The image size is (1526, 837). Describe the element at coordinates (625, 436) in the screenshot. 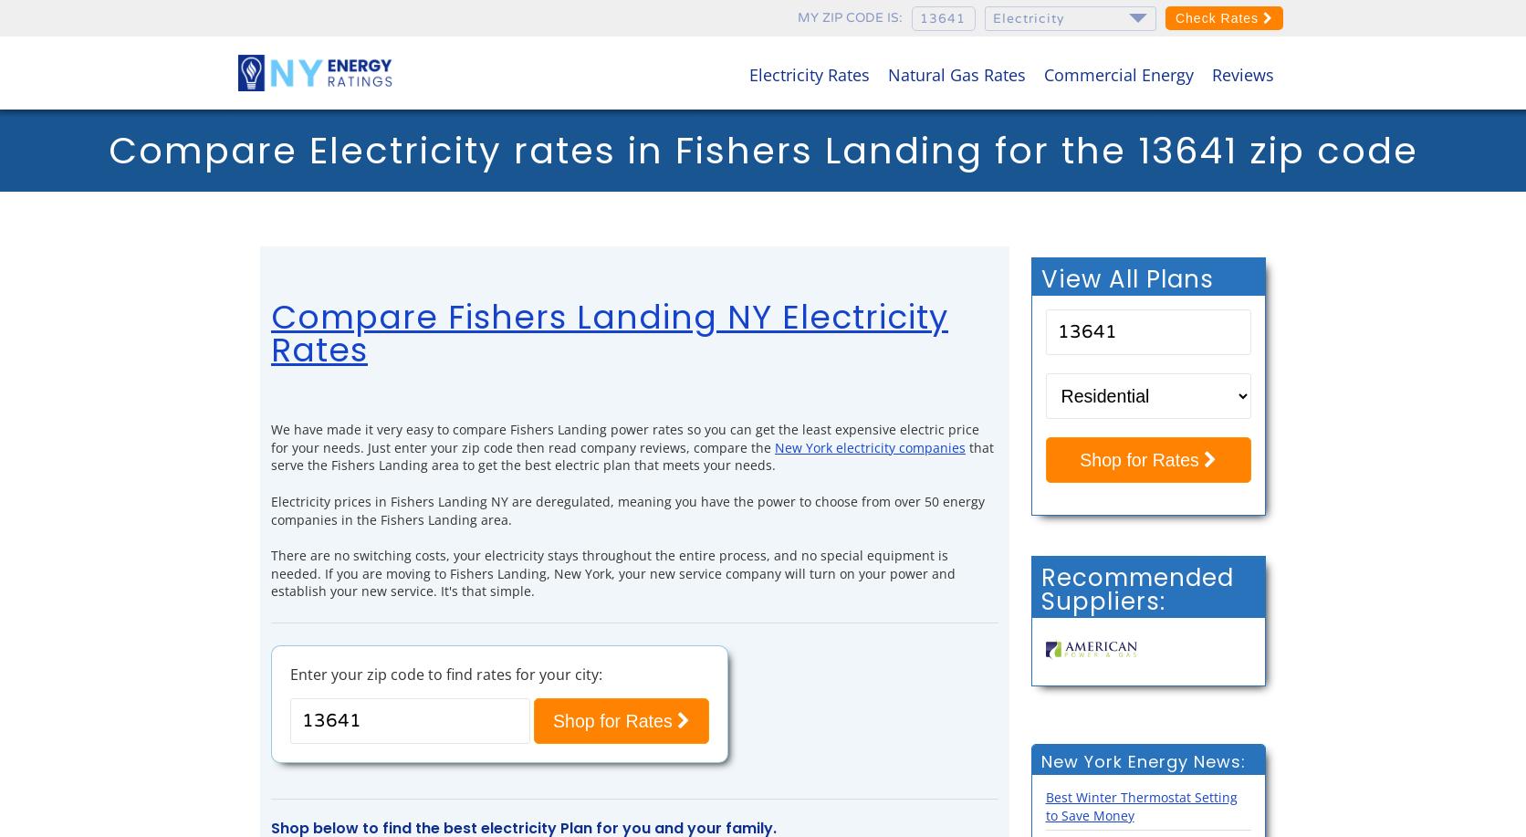

I see `'We have made it very easy to compare Fishers Landing power rates so you can get the least expensive electric price for your needs. Just enter your zip code then read company reviews, compare the'` at that location.